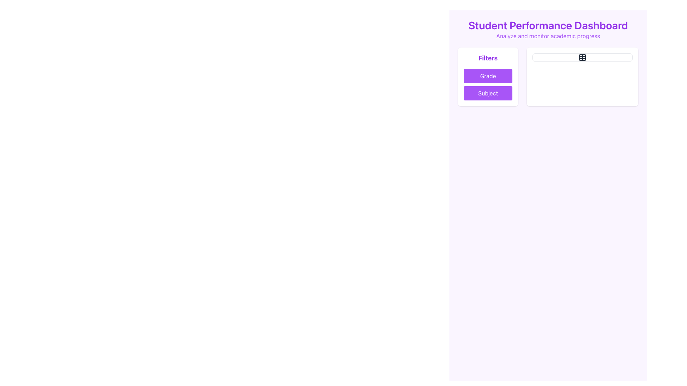 This screenshot has width=687, height=386. What do you see at coordinates (547, 25) in the screenshot?
I see `title 'Student Performance Dashboard', which is a bold, large-sized text element centered near the top of the main layout` at bounding box center [547, 25].